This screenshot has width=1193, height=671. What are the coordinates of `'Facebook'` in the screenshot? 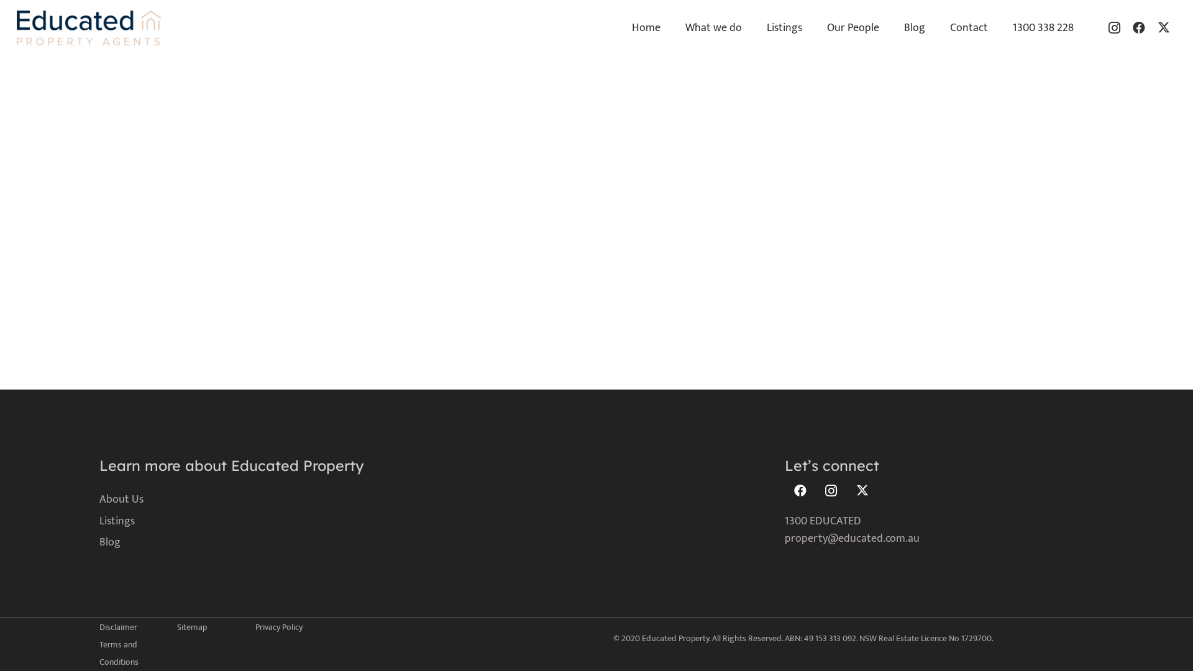 It's located at (800, 490).